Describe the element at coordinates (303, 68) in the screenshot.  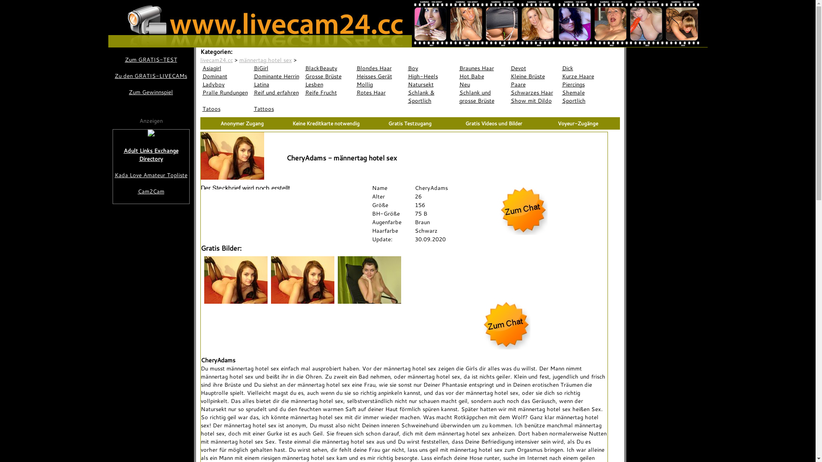
I see `'BlackBeauty'` at that location.